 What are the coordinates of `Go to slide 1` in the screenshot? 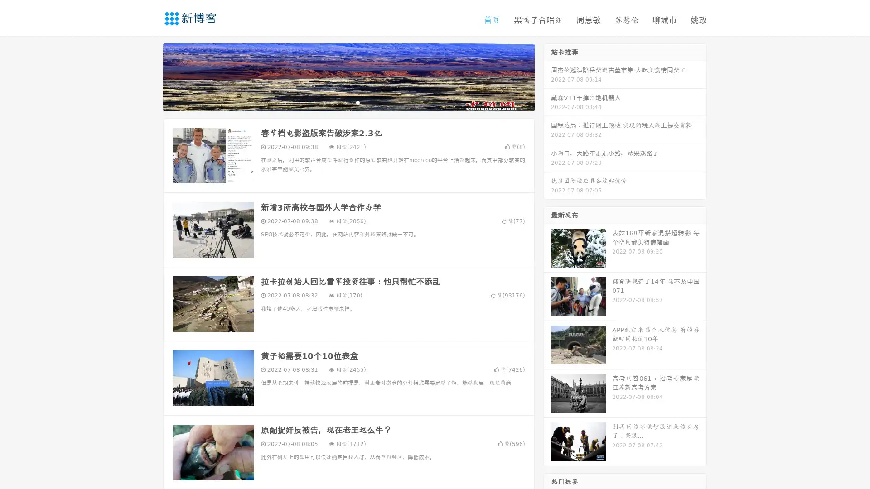 It's located at (339, 102).